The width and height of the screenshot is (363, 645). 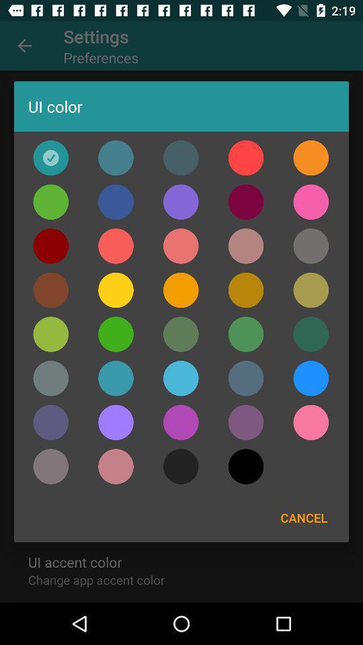 I want to click on color, so click(x=50, y=378).